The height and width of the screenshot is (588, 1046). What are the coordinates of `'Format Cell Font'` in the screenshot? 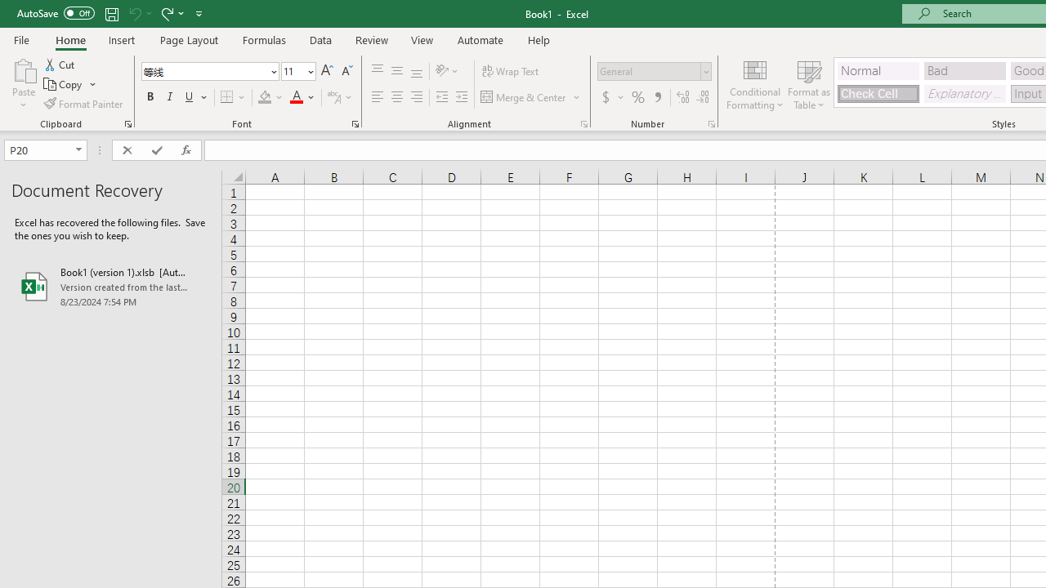 It's located at (355, 122).